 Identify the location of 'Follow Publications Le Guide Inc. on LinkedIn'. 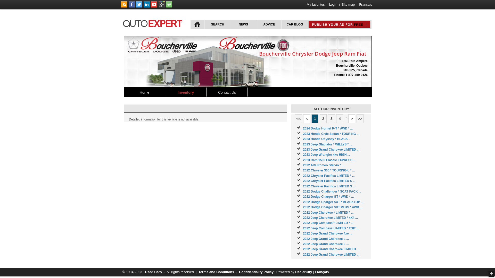
(146, 6).